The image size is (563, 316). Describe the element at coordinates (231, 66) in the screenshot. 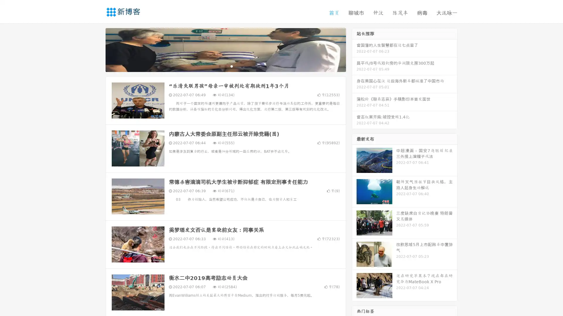

I see `Go to slide 3` at that location.